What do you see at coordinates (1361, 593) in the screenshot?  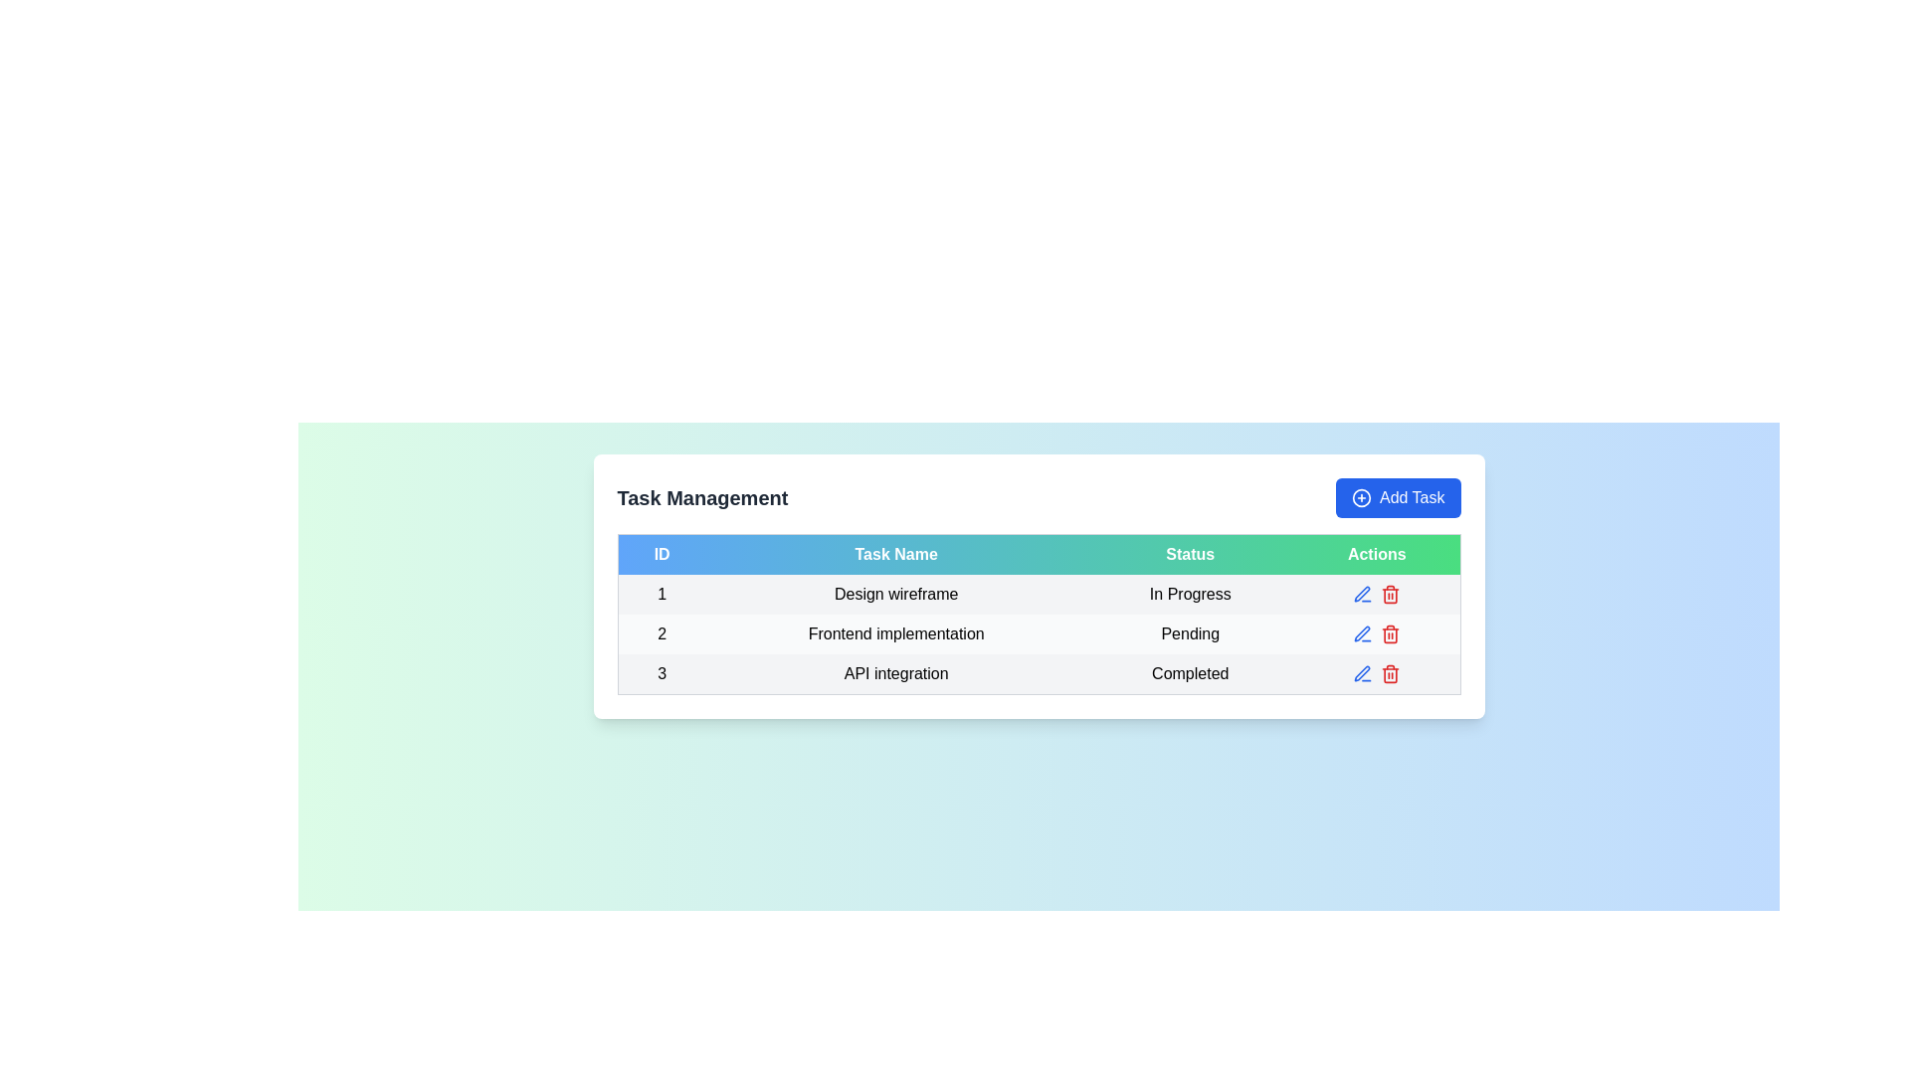 I see `the edit button icon located in the 'Actions' column of the second row of the task management table to modify the task details` at bounding box center [1361, 593].